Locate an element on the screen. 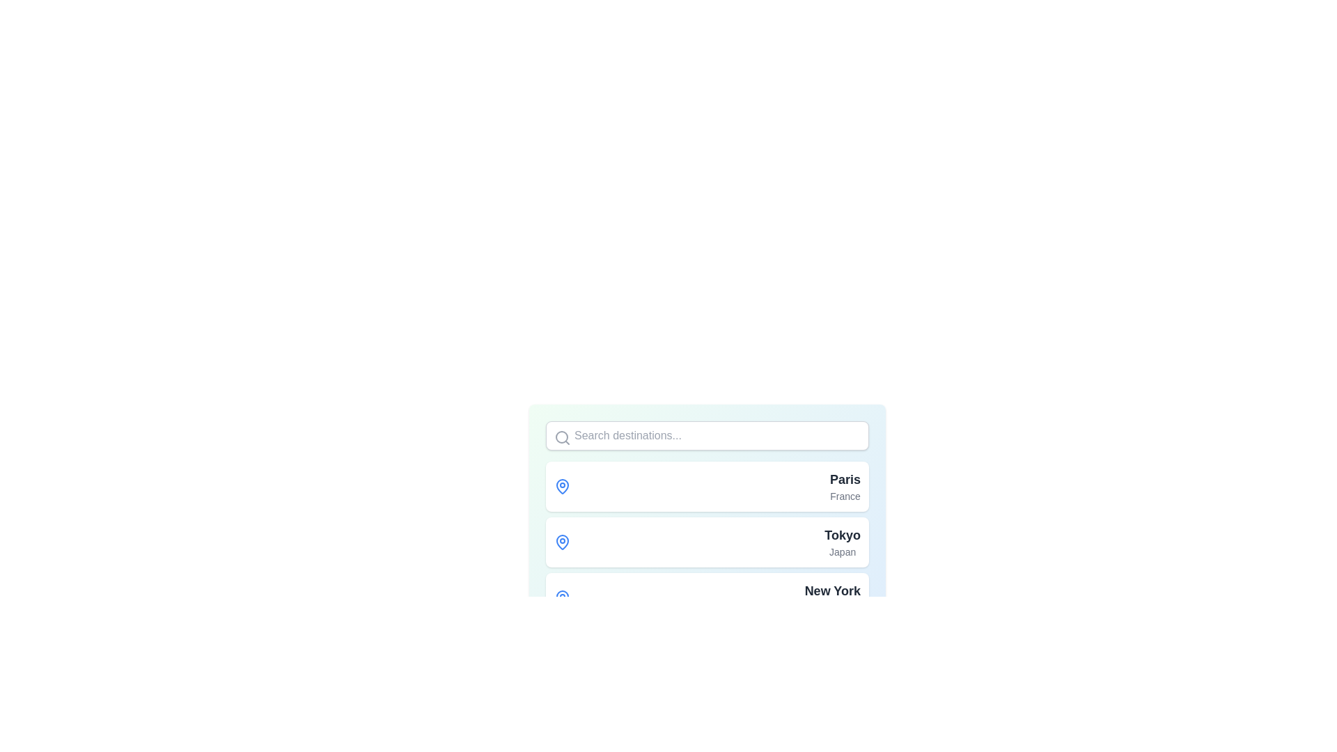 The image size is (1337, 752). the Text display element showing the city-country pair 'Paris, France' is located at coordinates (845, 485).